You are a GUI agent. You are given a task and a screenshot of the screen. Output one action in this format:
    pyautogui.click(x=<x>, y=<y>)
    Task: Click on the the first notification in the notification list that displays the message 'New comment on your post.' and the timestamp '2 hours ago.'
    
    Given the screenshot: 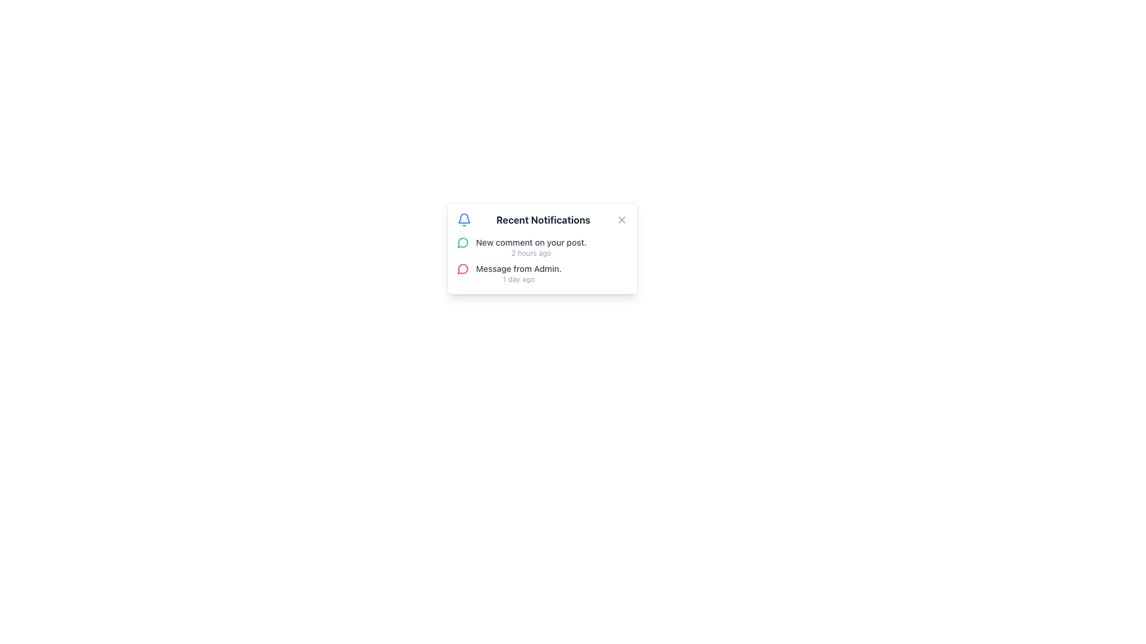 What is the action you would take?
    pyautogui.click(x=531, y=247)
    